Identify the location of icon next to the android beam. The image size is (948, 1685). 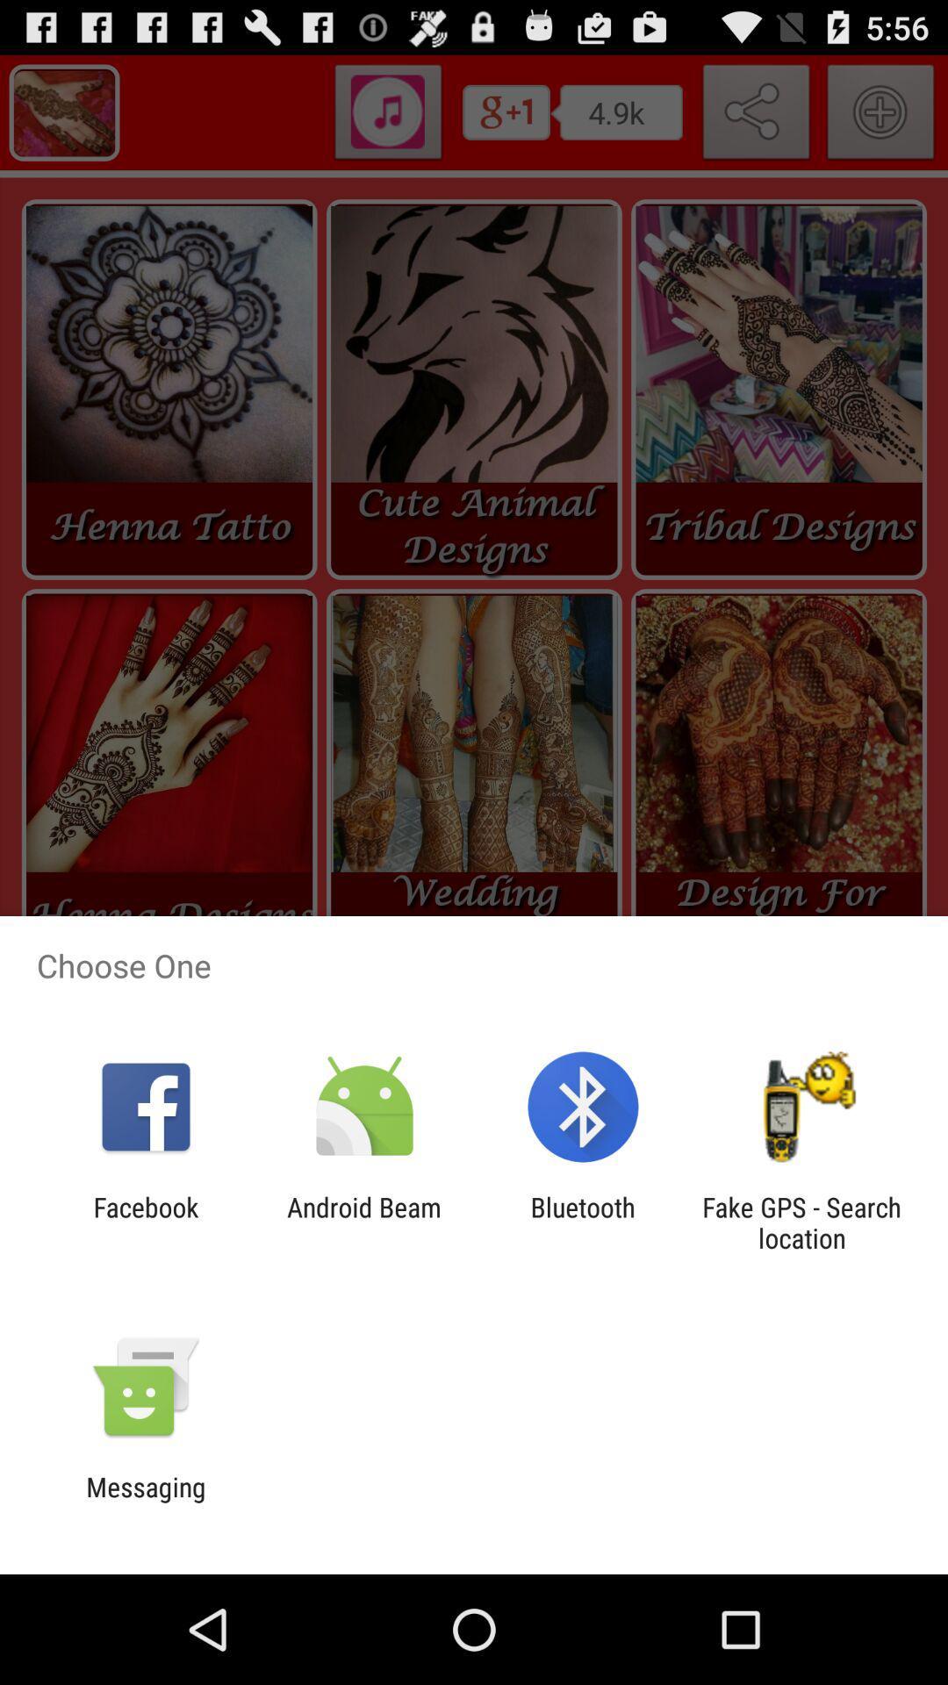
(583, 1222).